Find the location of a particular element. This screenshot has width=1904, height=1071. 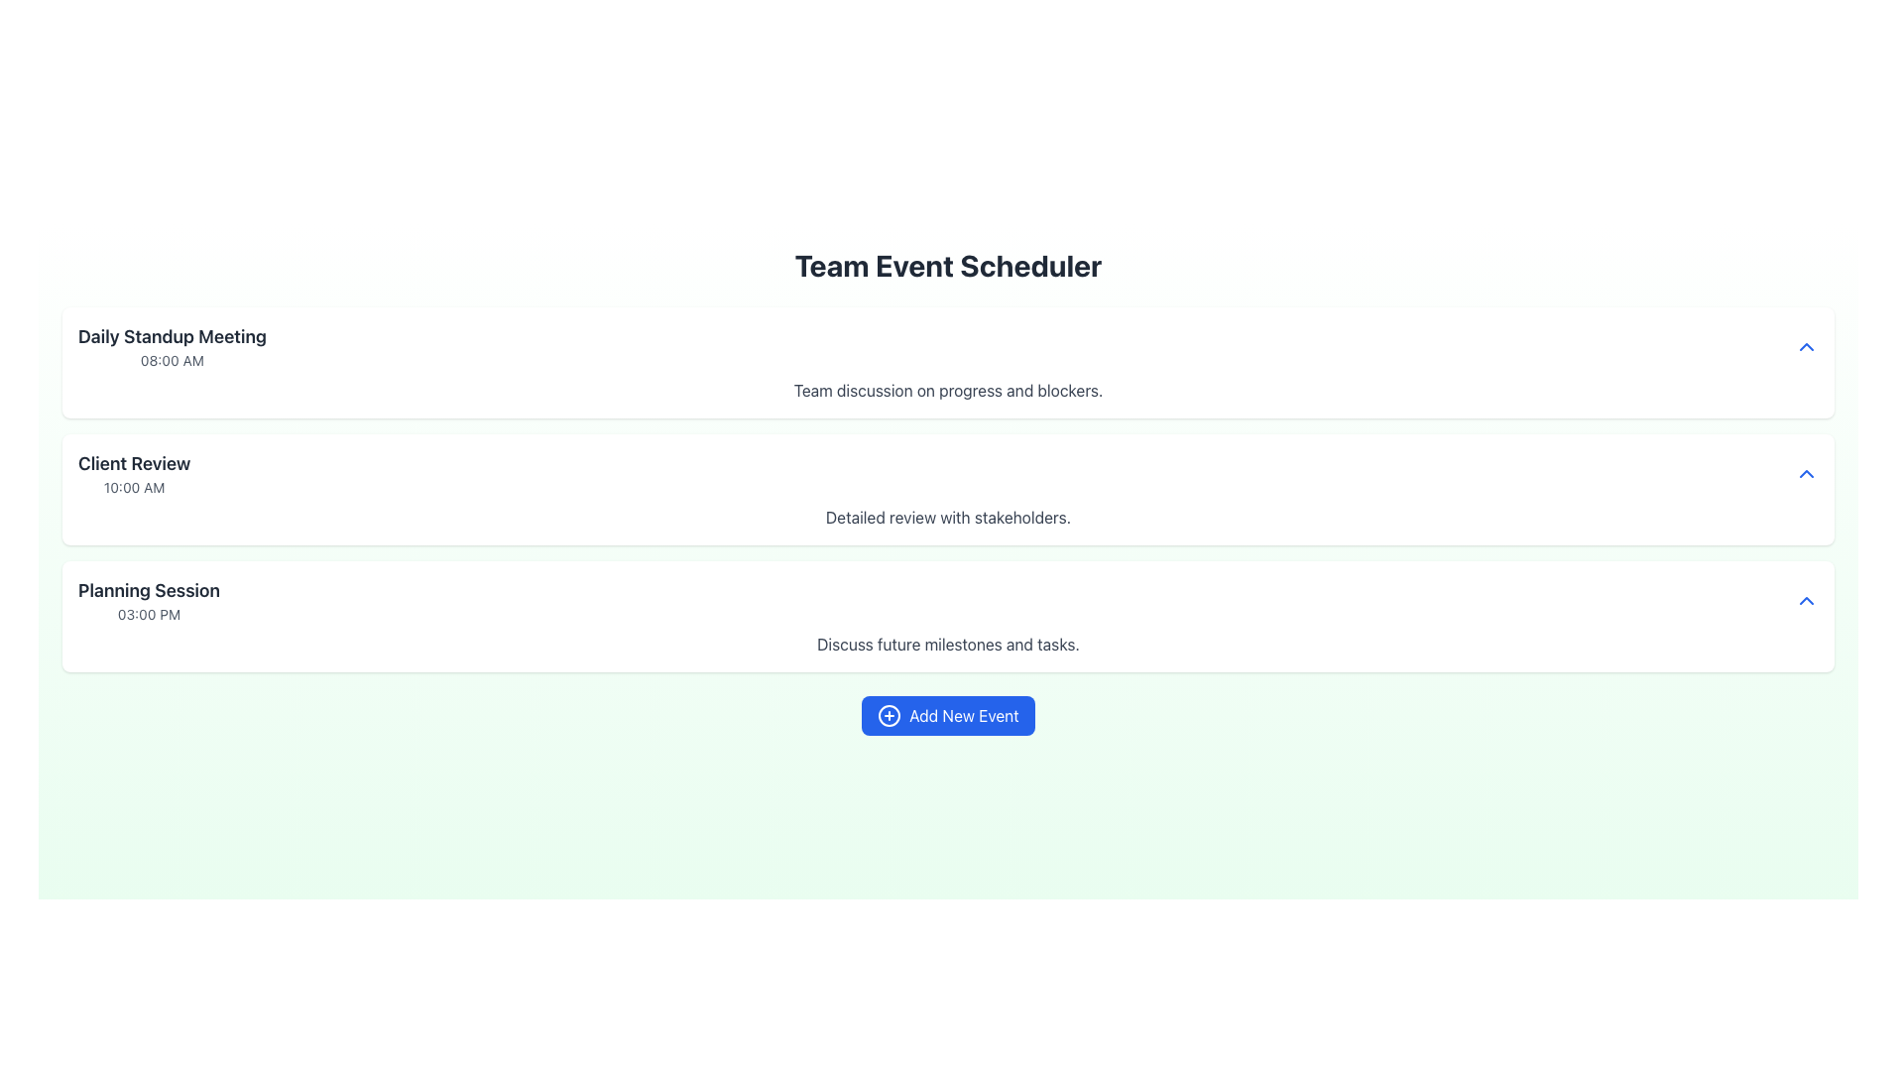

the small text label displaying '08:00 AM' which is located underneath the 'Daily Standup Meeting' label on the left side of the interface is located at coordinates (172, 360).